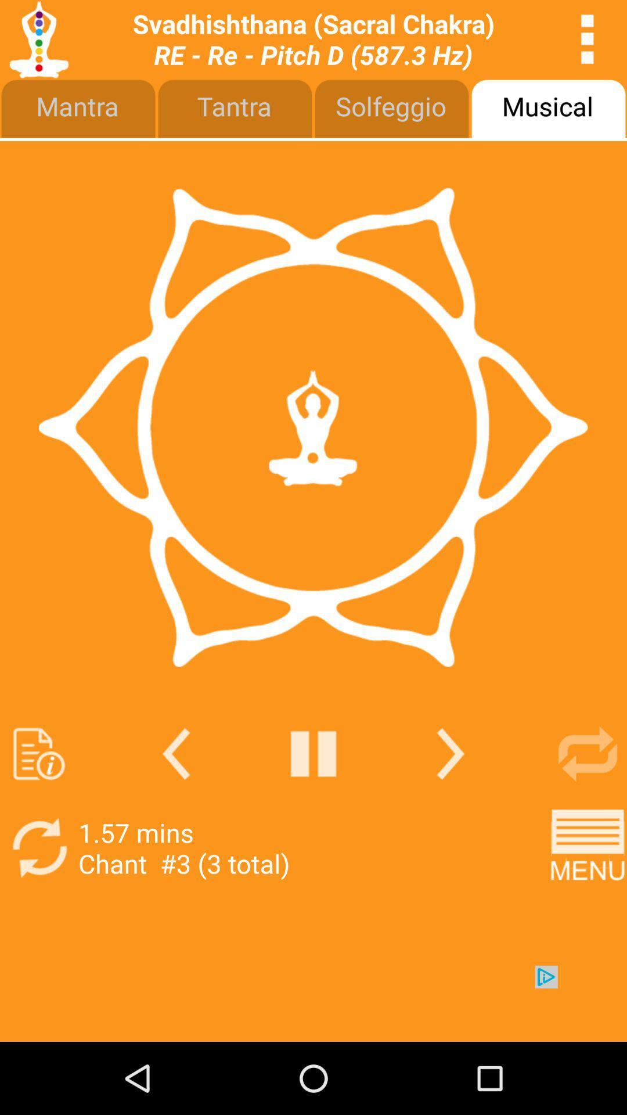  What do you see at coordinates (313, 754) in the screenshot?
I see `go back` at bounding box center [313, 754].